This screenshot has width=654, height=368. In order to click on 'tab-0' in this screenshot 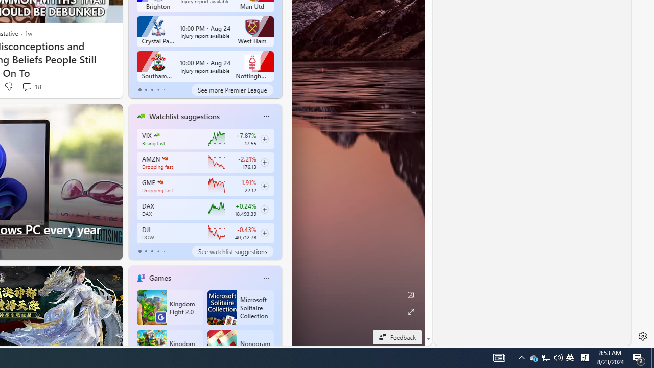, I will do `click(139, 251)`.